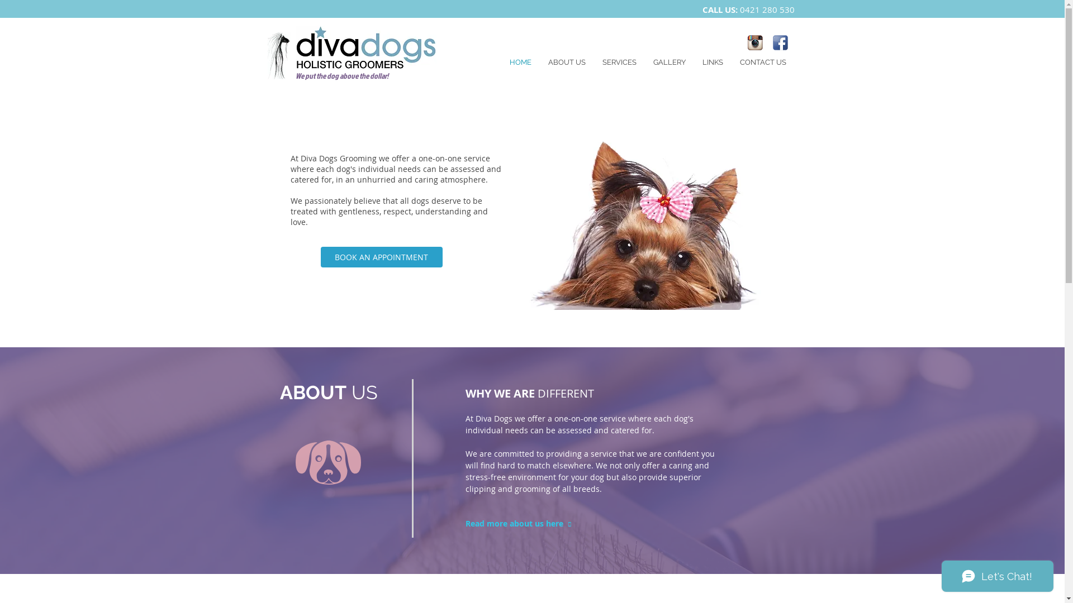  Describe the element at coordinates (539, 62) in the screenshot. I see `'ABOUT US'` at that location.